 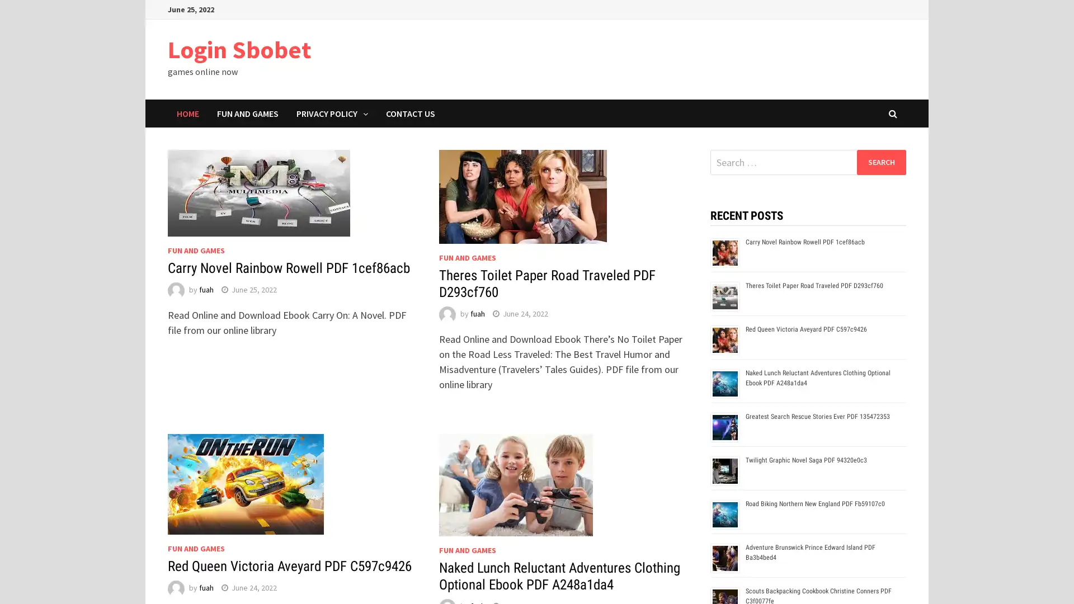 What do you see at coordinates (880, 162) in the screenshot?
I see `Search` at bounding box center [880, 162].